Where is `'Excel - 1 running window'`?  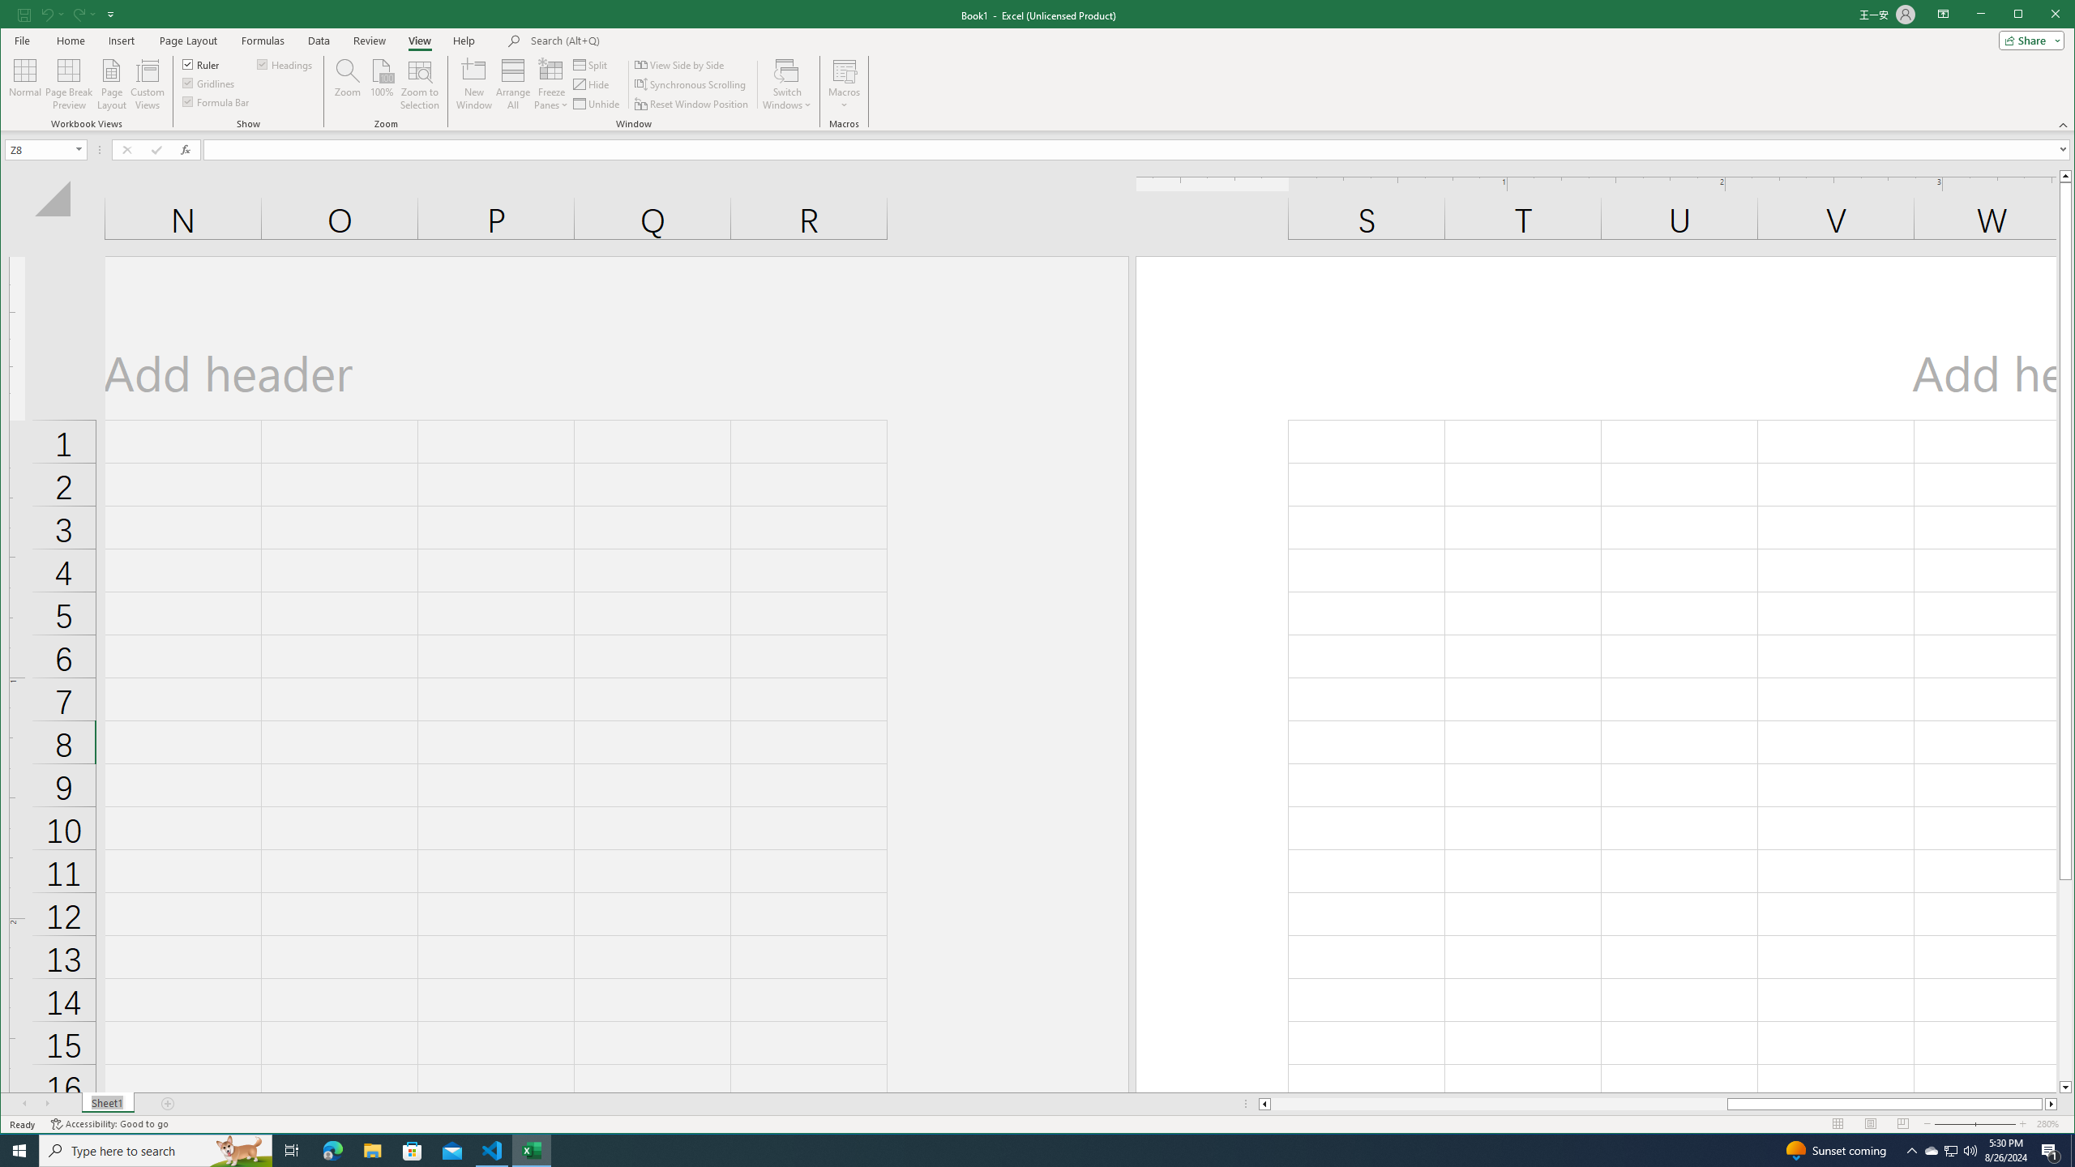
'Excel - 1 running window' is located at coordinates (532, 1149).